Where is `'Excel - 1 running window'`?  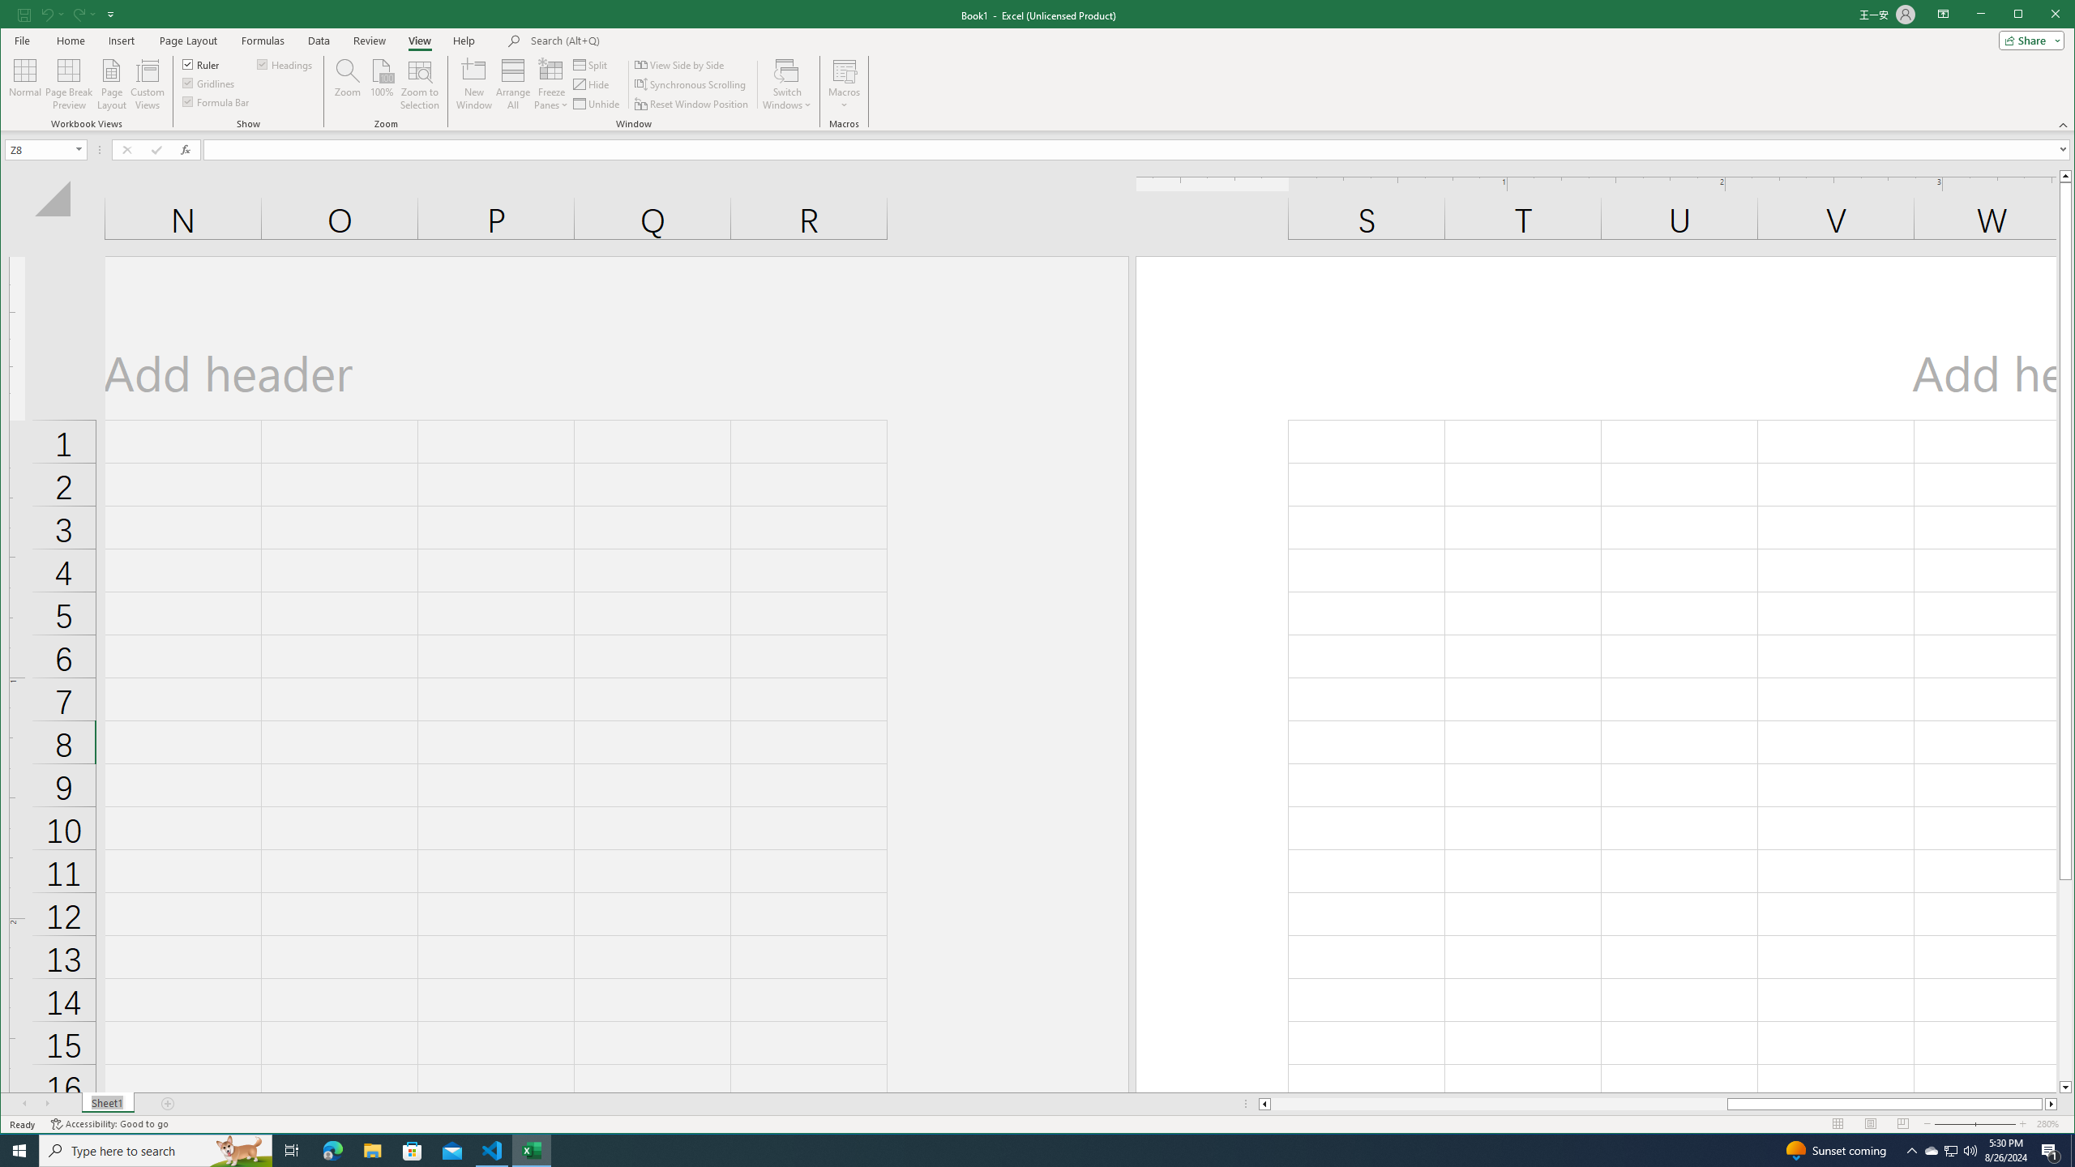
'Excel - 1 running window' is located at coordinates (532, 1149).